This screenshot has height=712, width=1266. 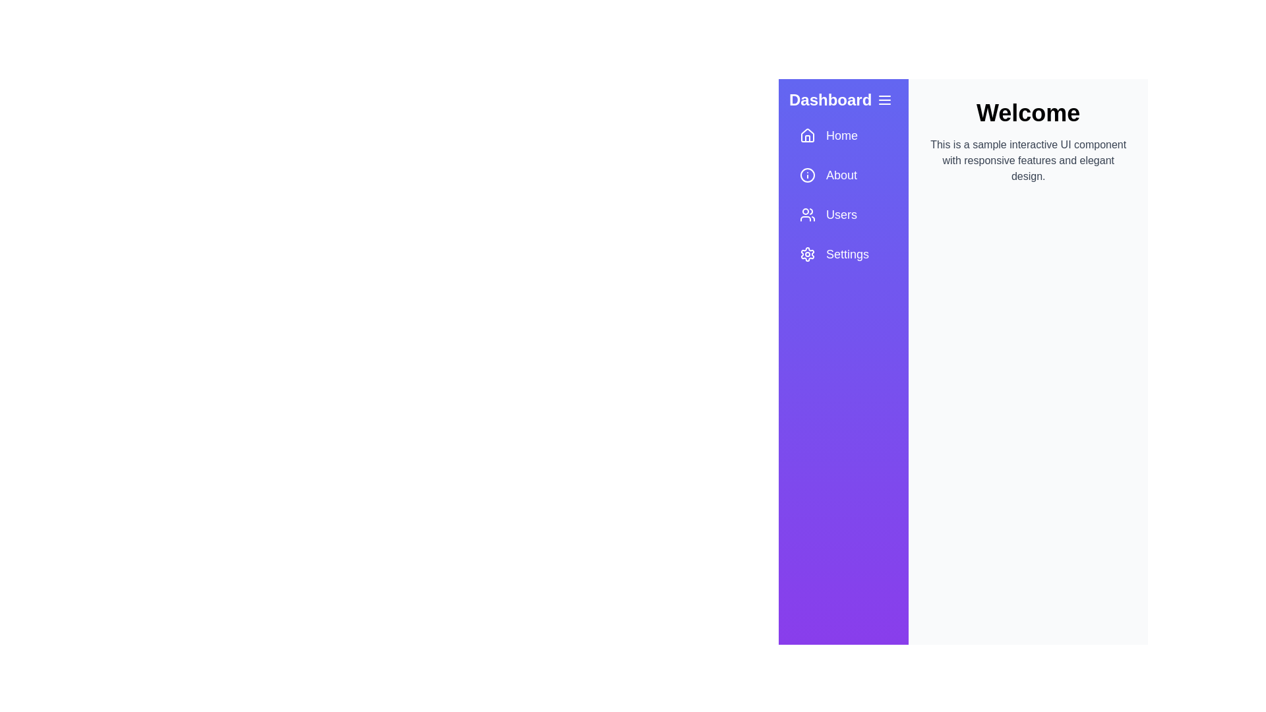 What do you see at coordinates (1027, 113) in the screenshot?
I see `the 'Welcome' text in the main content area` at bounding box center [1027, 113].